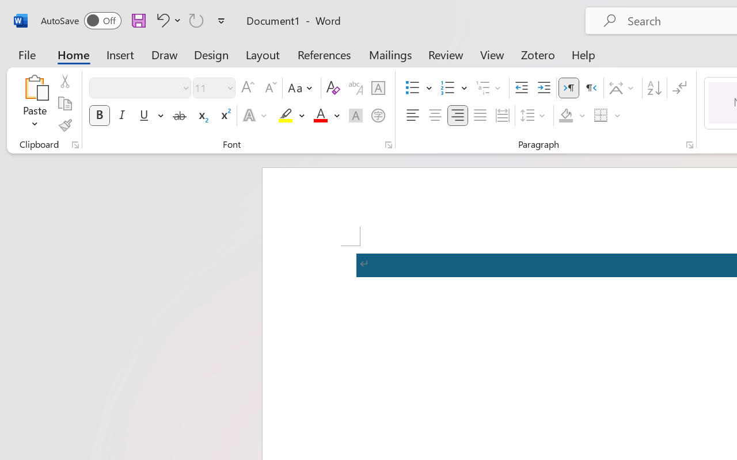 Image resolution: width=737 pixels, height=460 pixels. What do you see at coordinates (286, 116) in the screenshot?
I see `'Text Highlight Color RGB(255, 255, 0)'` at bounding box center [286, 116].